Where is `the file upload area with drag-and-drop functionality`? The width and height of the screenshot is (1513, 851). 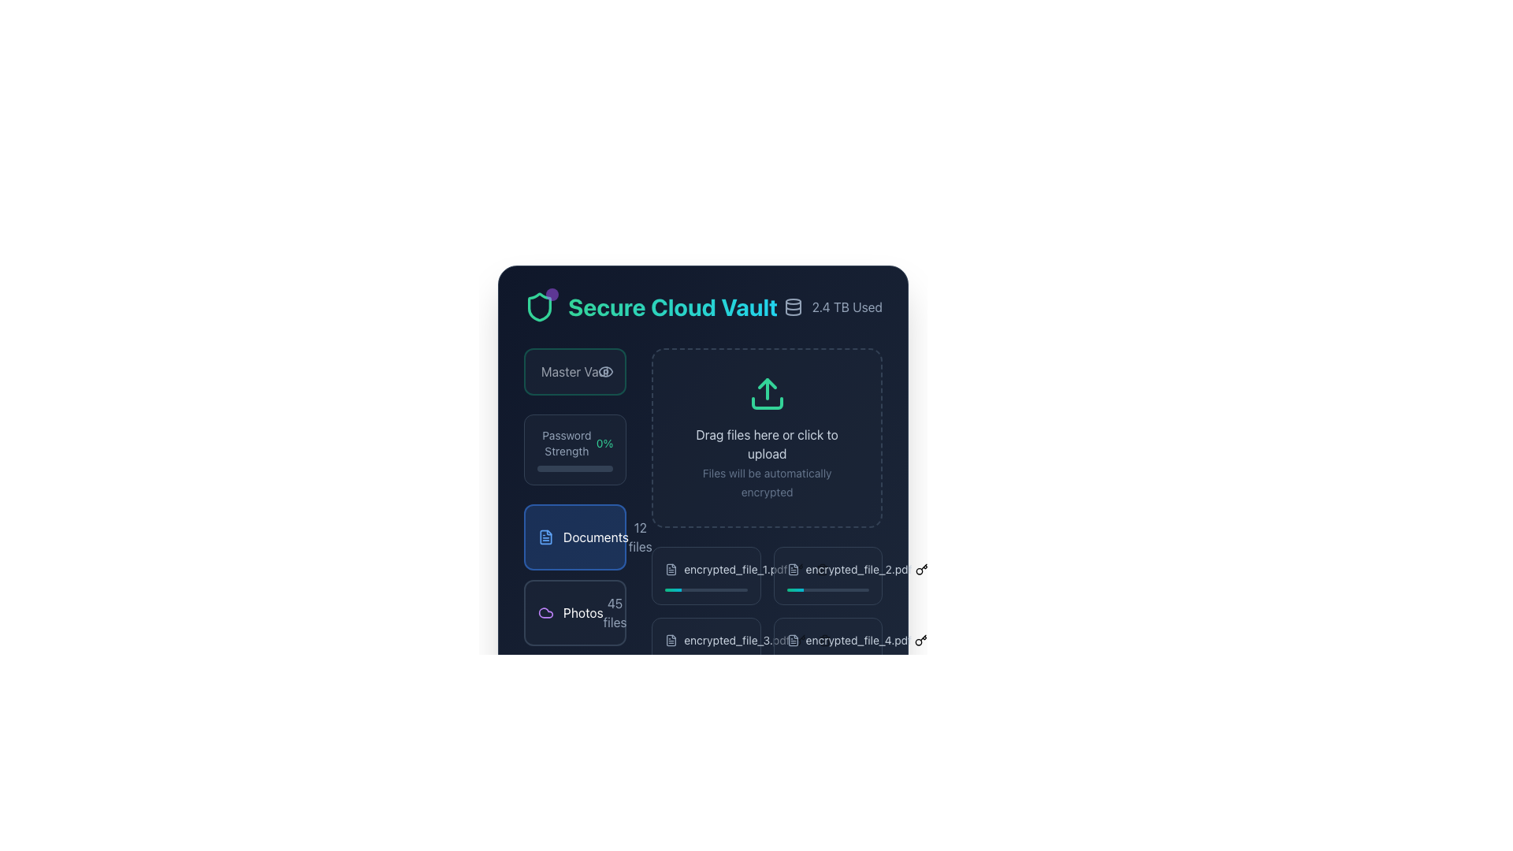 the file upload area with drag-and-drop functionality is located at coordinates (767, 437).